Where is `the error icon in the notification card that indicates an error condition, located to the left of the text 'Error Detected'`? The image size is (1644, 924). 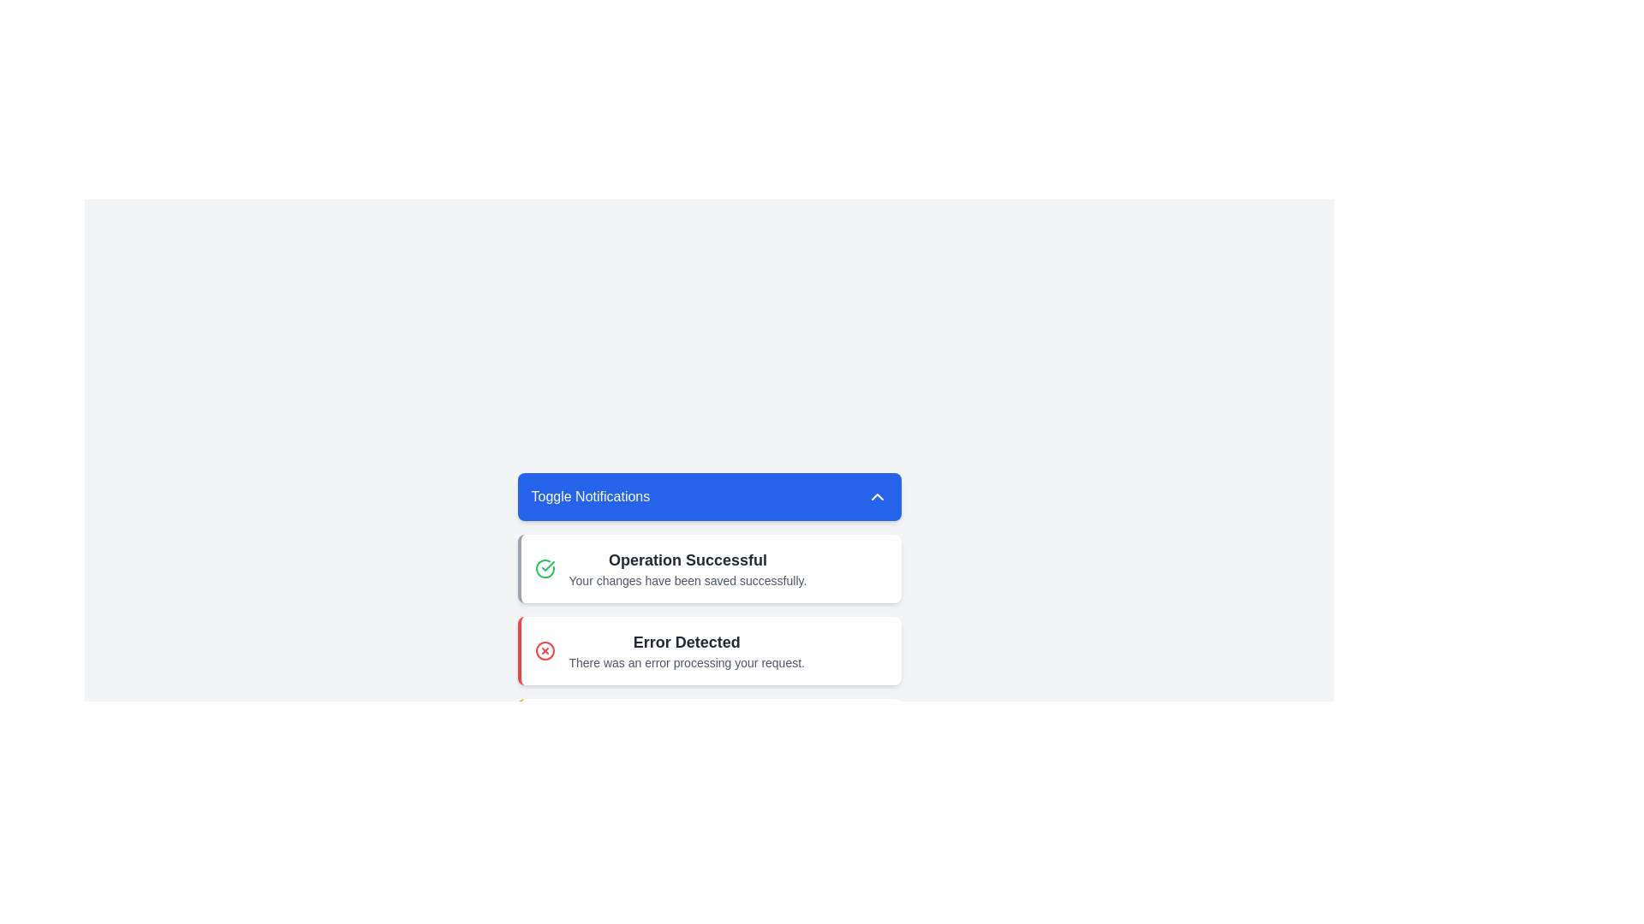
the error icon in the notification card that indicates an error condition, located to the left of the text 'Error Detected' is located at coordinates (544, 650).